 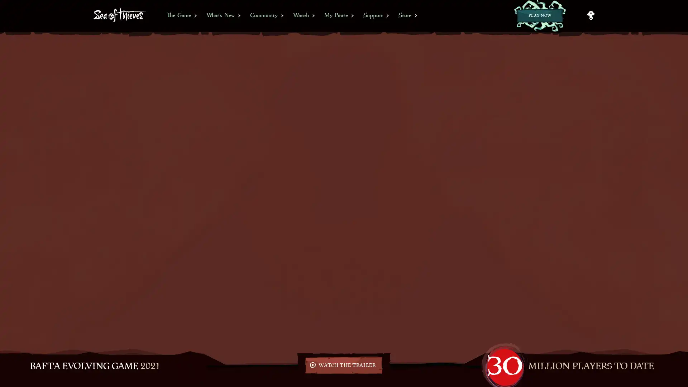 I want to click on Account, so click(x=591, y=15).